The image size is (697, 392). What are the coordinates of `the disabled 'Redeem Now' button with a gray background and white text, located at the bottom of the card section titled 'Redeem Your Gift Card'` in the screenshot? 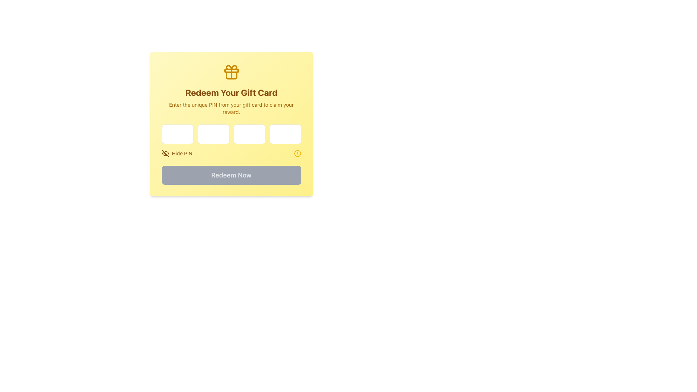 It's located at (231, 175).